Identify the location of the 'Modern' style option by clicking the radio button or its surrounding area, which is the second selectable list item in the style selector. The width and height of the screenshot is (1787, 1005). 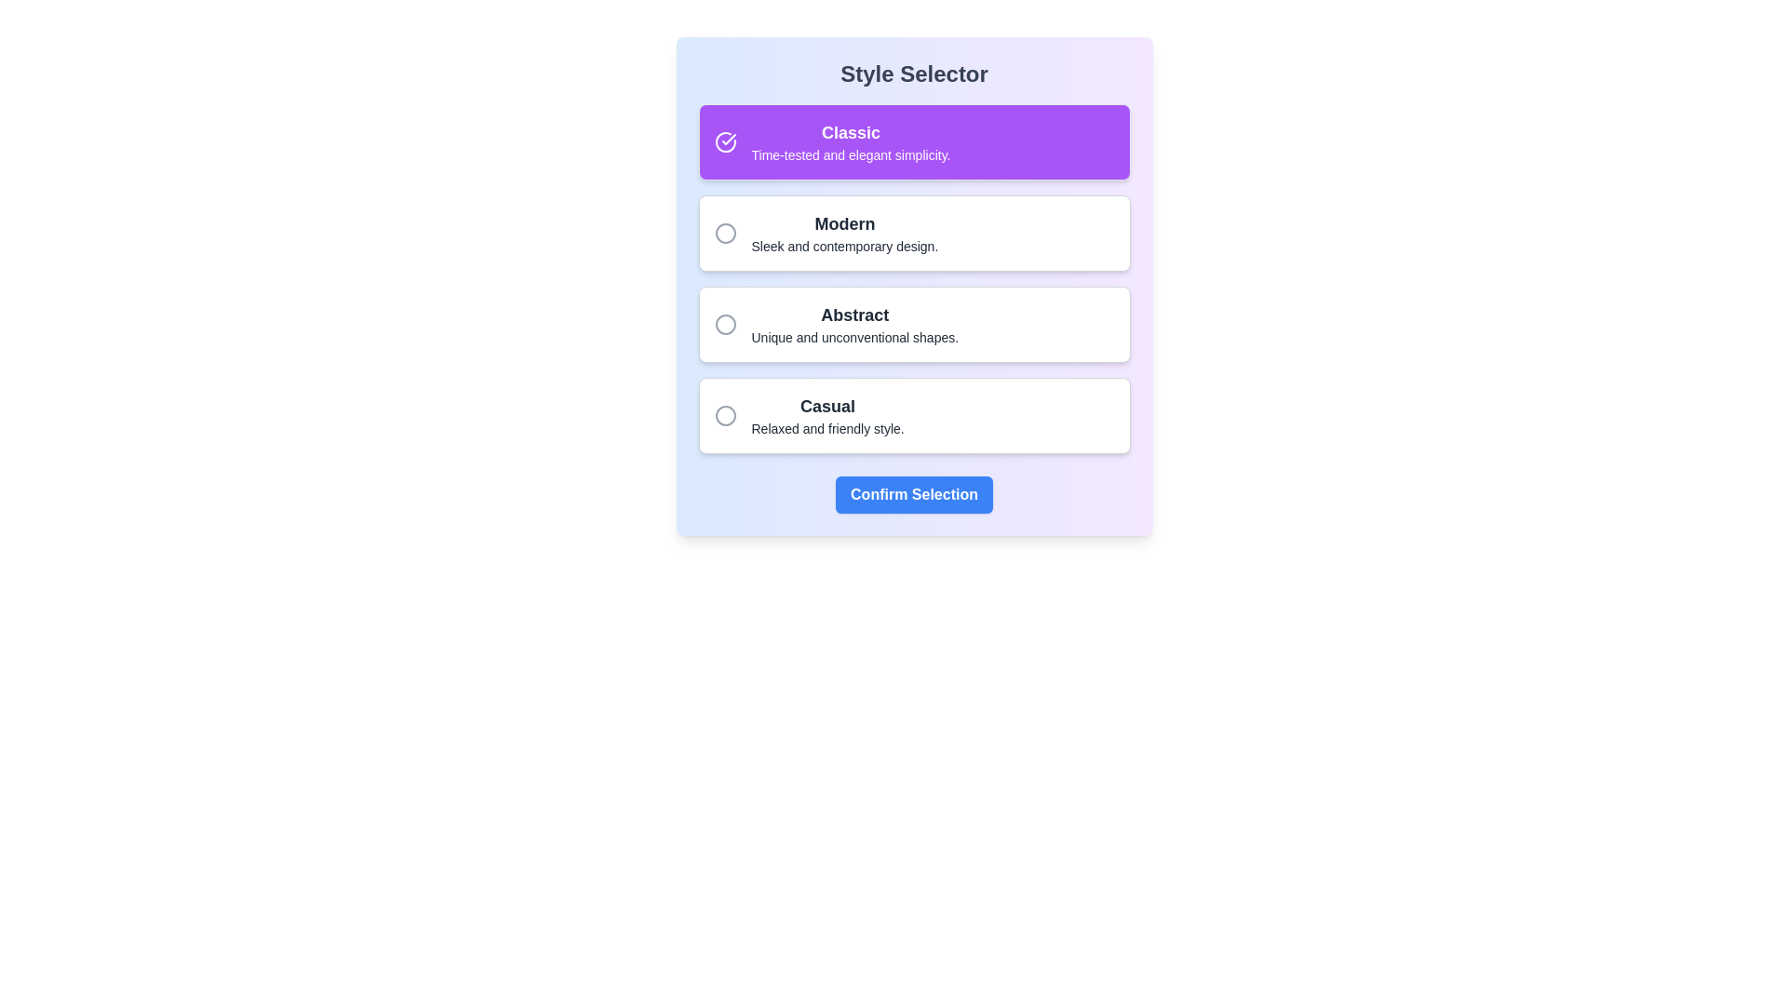
(914, 232).